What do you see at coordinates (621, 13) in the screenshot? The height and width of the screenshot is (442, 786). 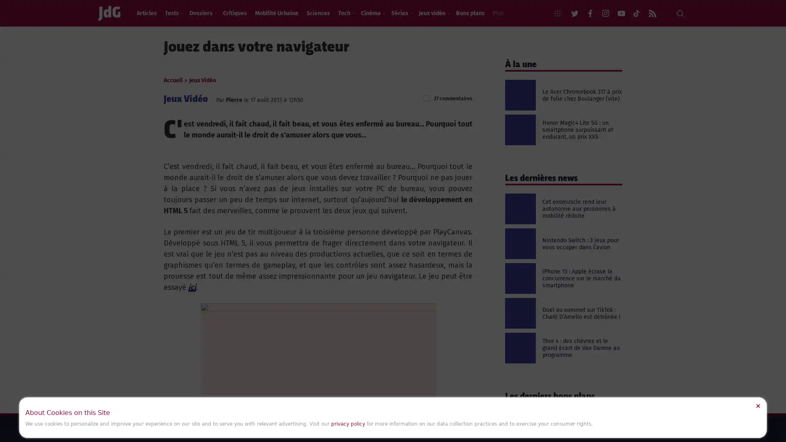 I see `youtube` at bounding box center [621, 13].